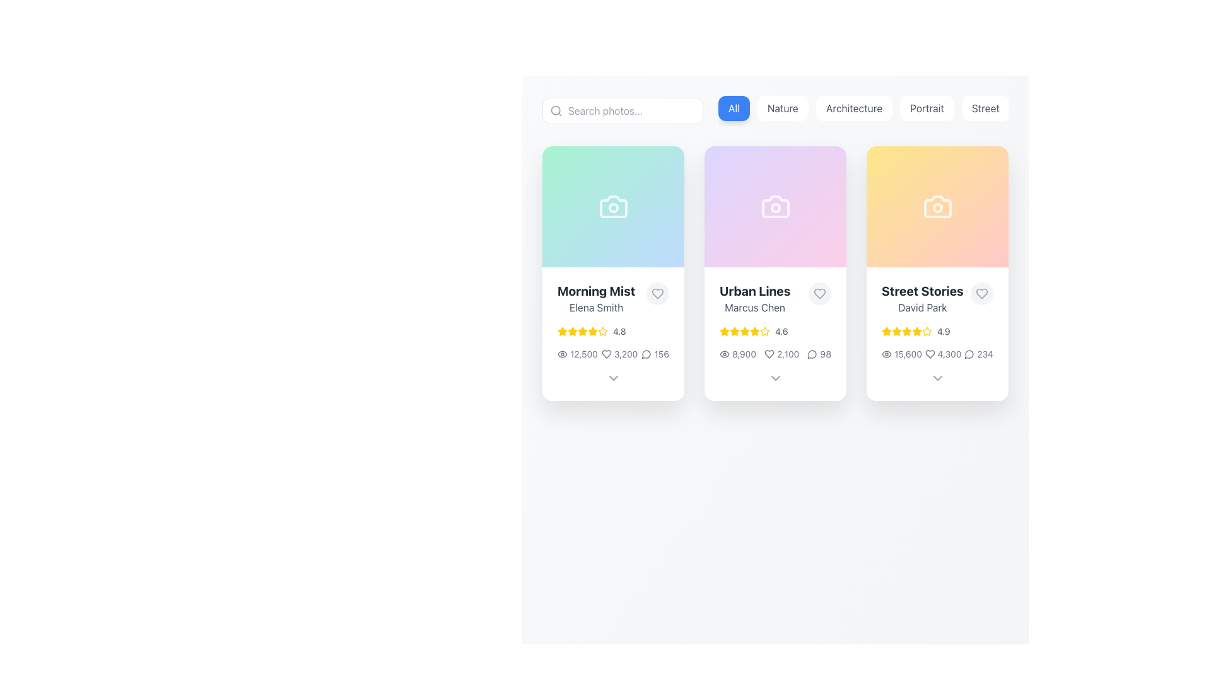 Image resolution: width=1211 pixels, height=681 pixels. Describe the element at coordinates (819, 354) in the screenshot. I see `the numeric counter '98' next to the speech bubble icon to interact with the counter` at that location.